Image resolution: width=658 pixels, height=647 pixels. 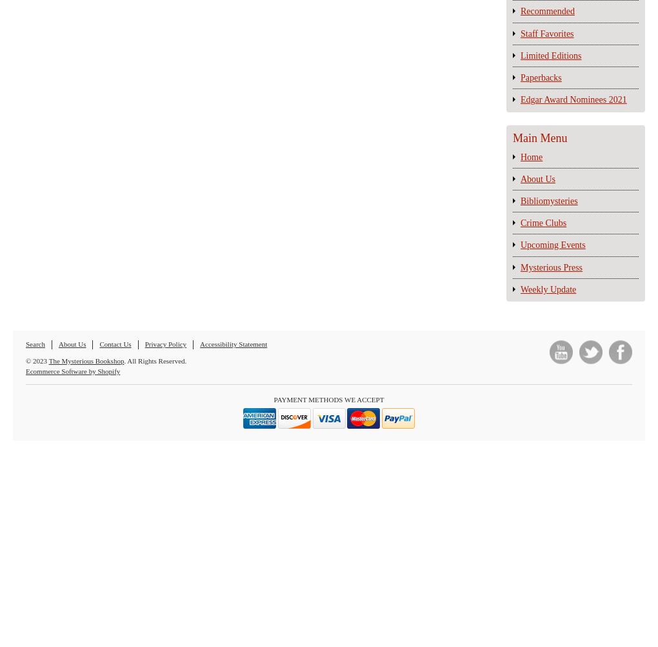 What do you see at coordinates (520, 77) in the screenshot?
I see `'Paperbacks'` at bounding box center [520, 77].